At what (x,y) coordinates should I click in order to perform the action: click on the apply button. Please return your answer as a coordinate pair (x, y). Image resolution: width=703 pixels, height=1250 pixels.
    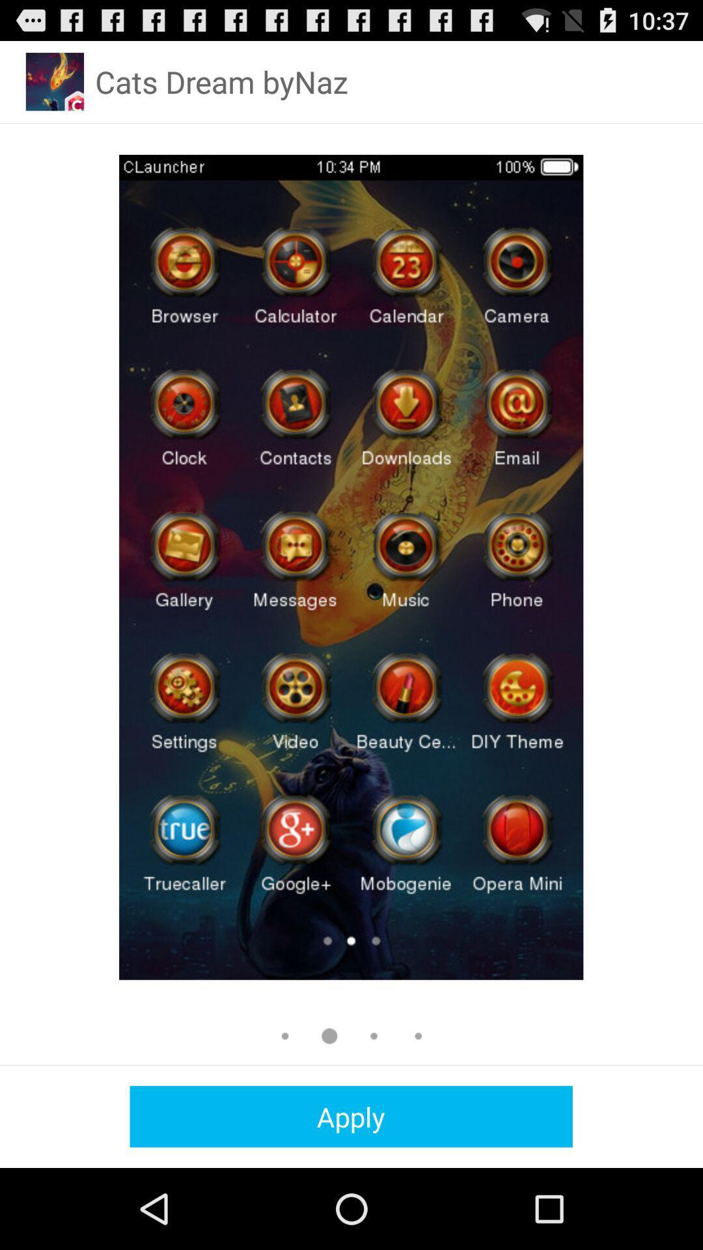
    Looking at the image, I should click on (350, 1116).